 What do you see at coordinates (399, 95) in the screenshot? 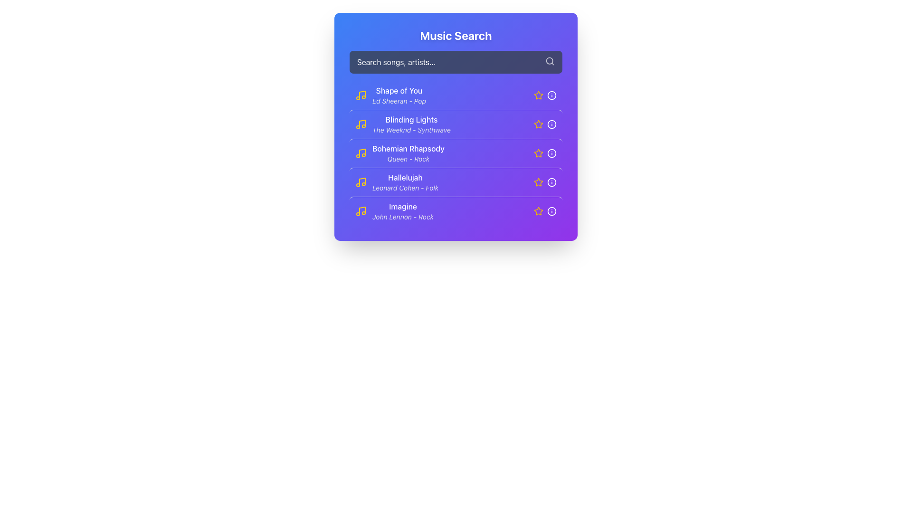
I see `the text label that displays the title and metadata of the song, positioned to the right of the yellow music note icon` at bounding box center [399, 95].